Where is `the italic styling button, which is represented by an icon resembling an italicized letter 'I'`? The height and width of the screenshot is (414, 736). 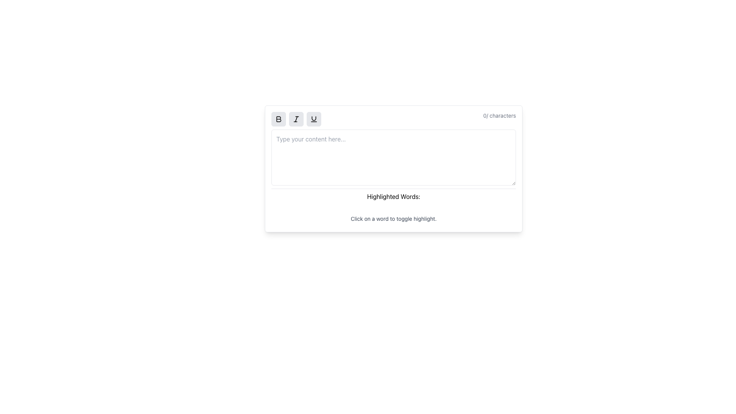 the italic styling button, which is represented by an icon resembling an italicized letter 'I' is located at coordinates (296, 119).